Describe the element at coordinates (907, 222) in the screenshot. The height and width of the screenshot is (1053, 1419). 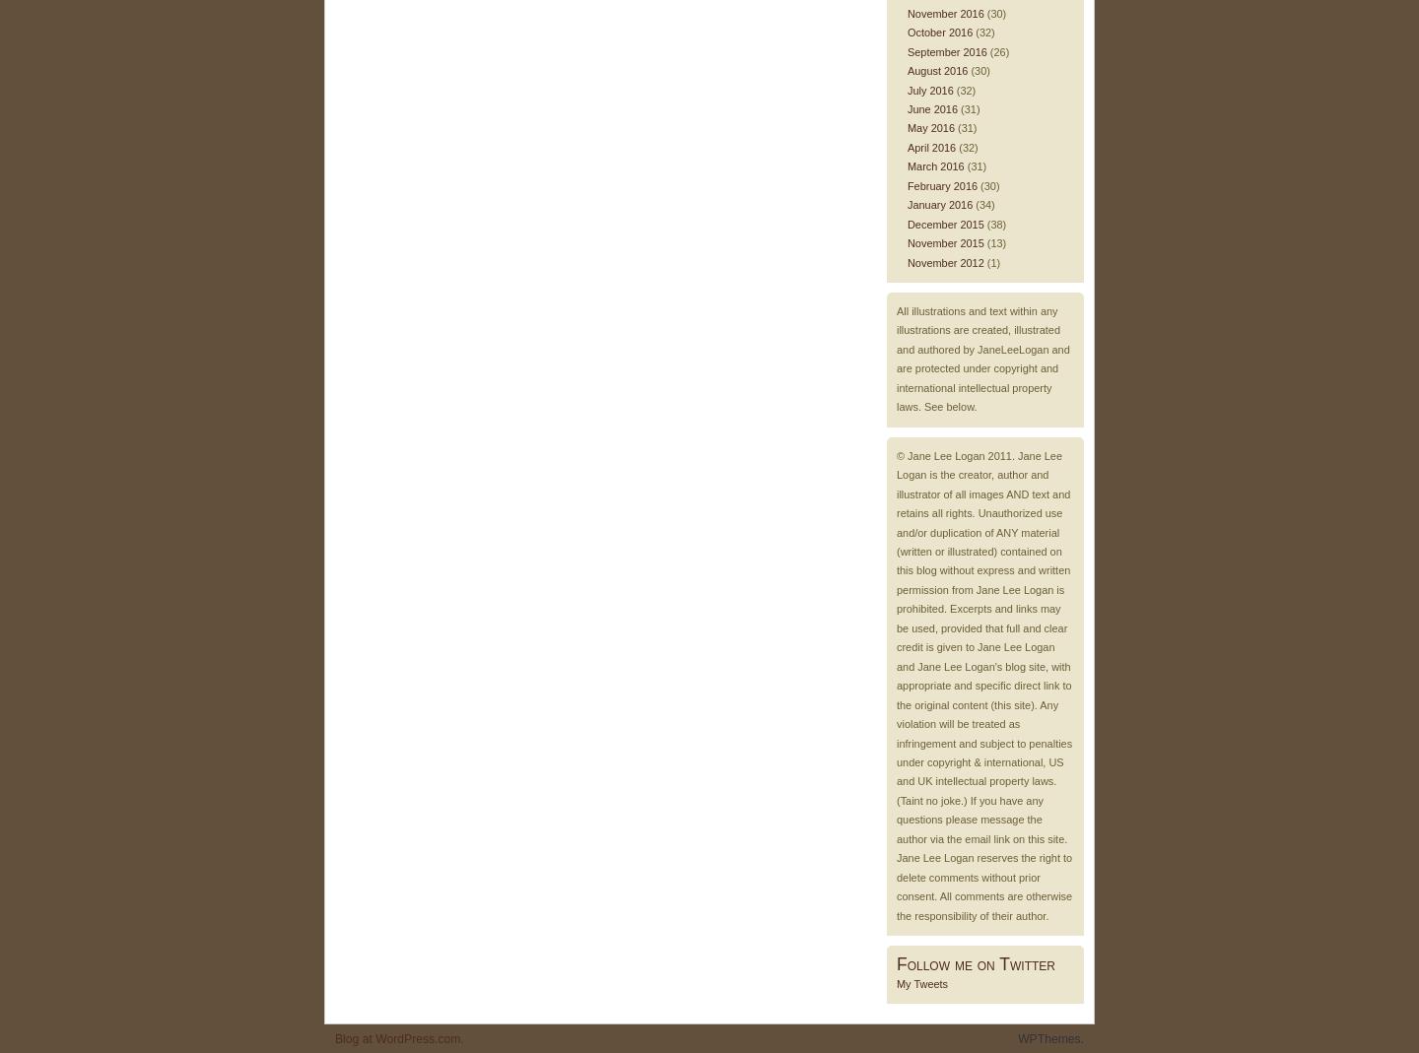
I see `'December 2015'` at that location.